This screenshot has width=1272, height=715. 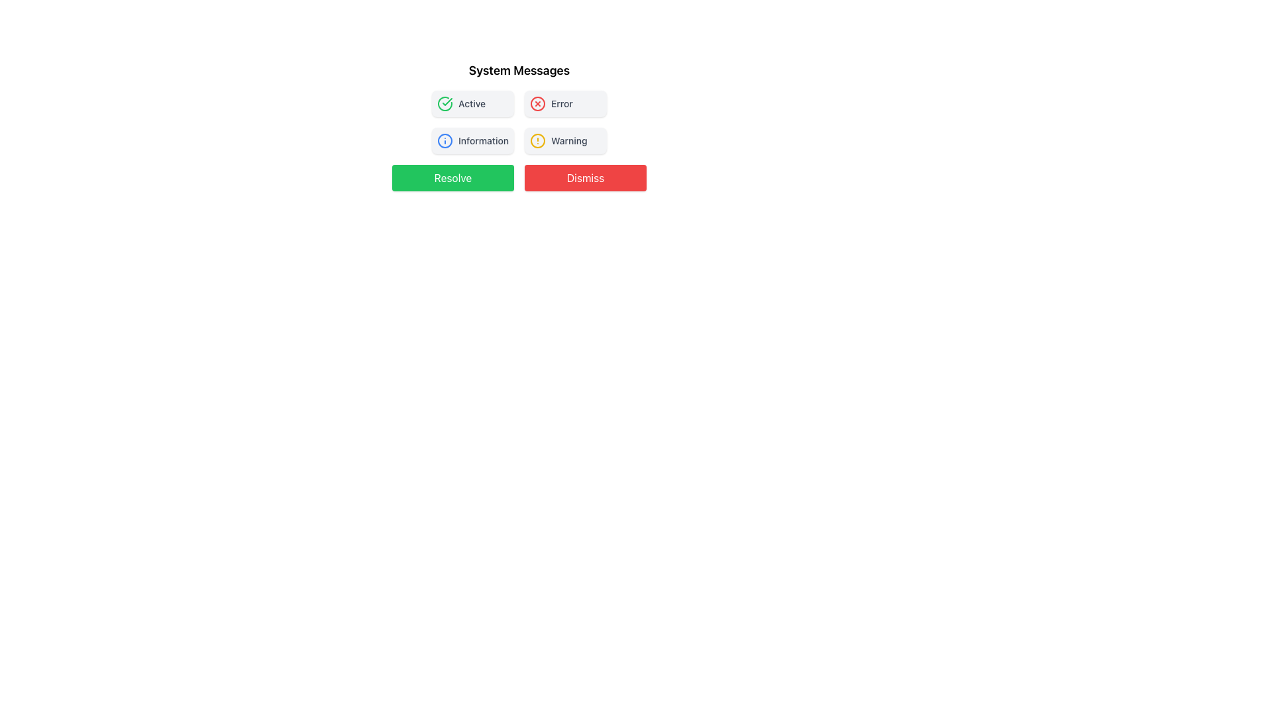 I want to click on the green circular icon with a checkmark located in the top-left quadrant of the system messages section if it is interactive, so click(x=445, y=103).